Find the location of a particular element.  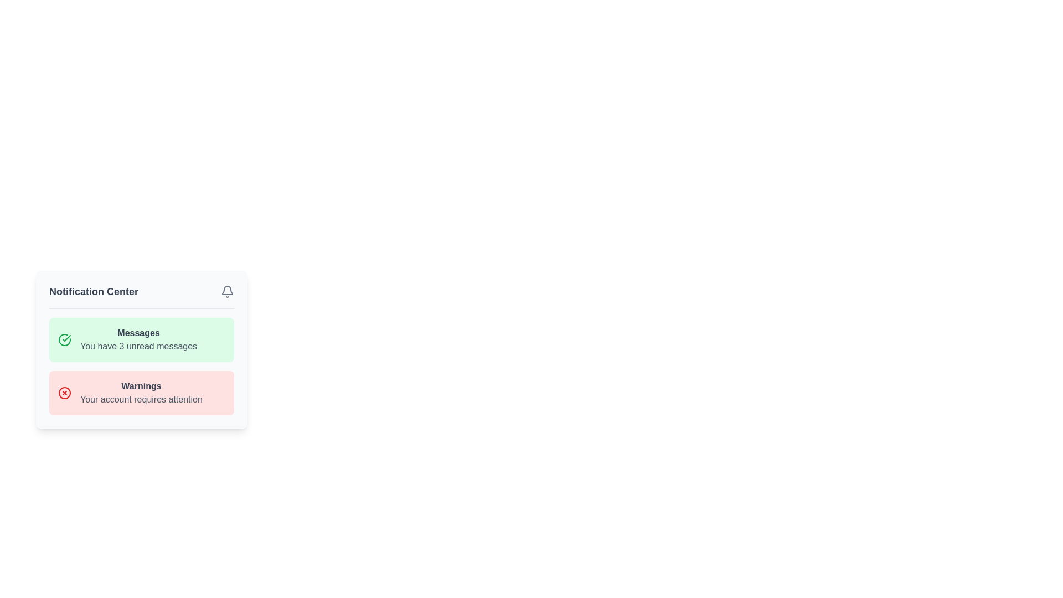

the alert text block located in the 'Warnings' notification block of the 'Notification Center' interface is located at coordinates (141, 392).